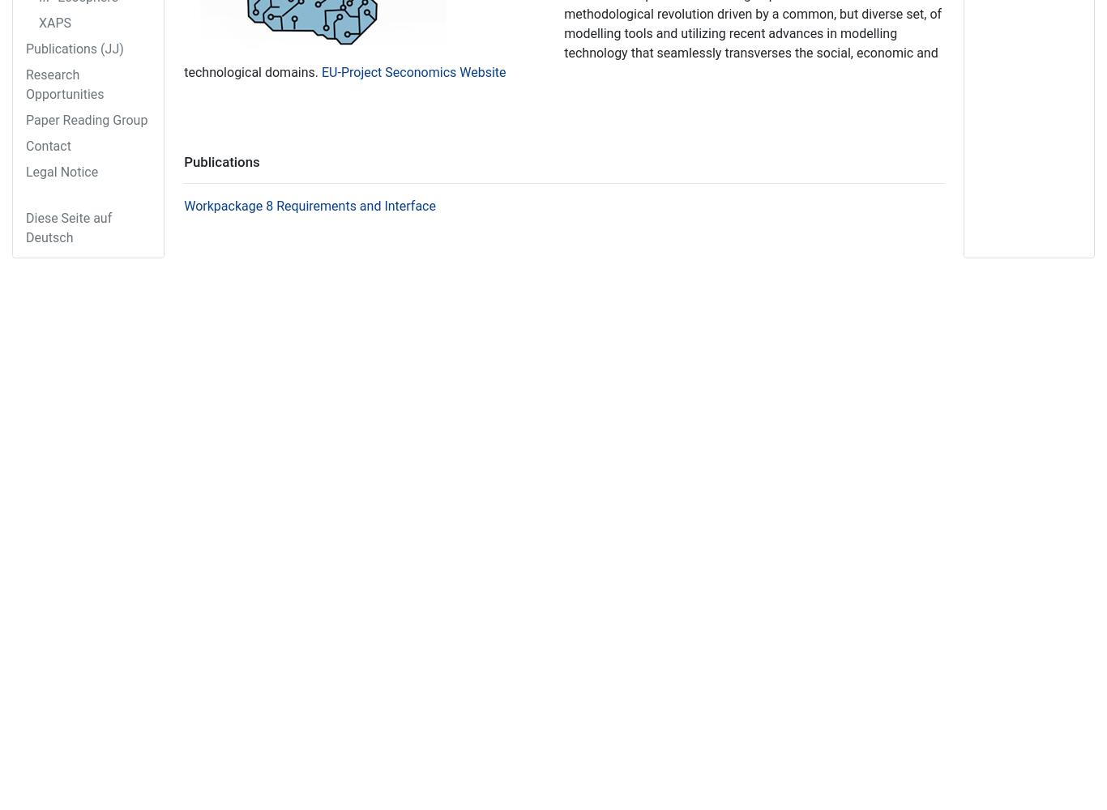 This screenshot has height=810, width=1107. What do you see at coordinates (55, 23) in the screenshot?
I see `'XAPS'` at bounding box center [55, 23].